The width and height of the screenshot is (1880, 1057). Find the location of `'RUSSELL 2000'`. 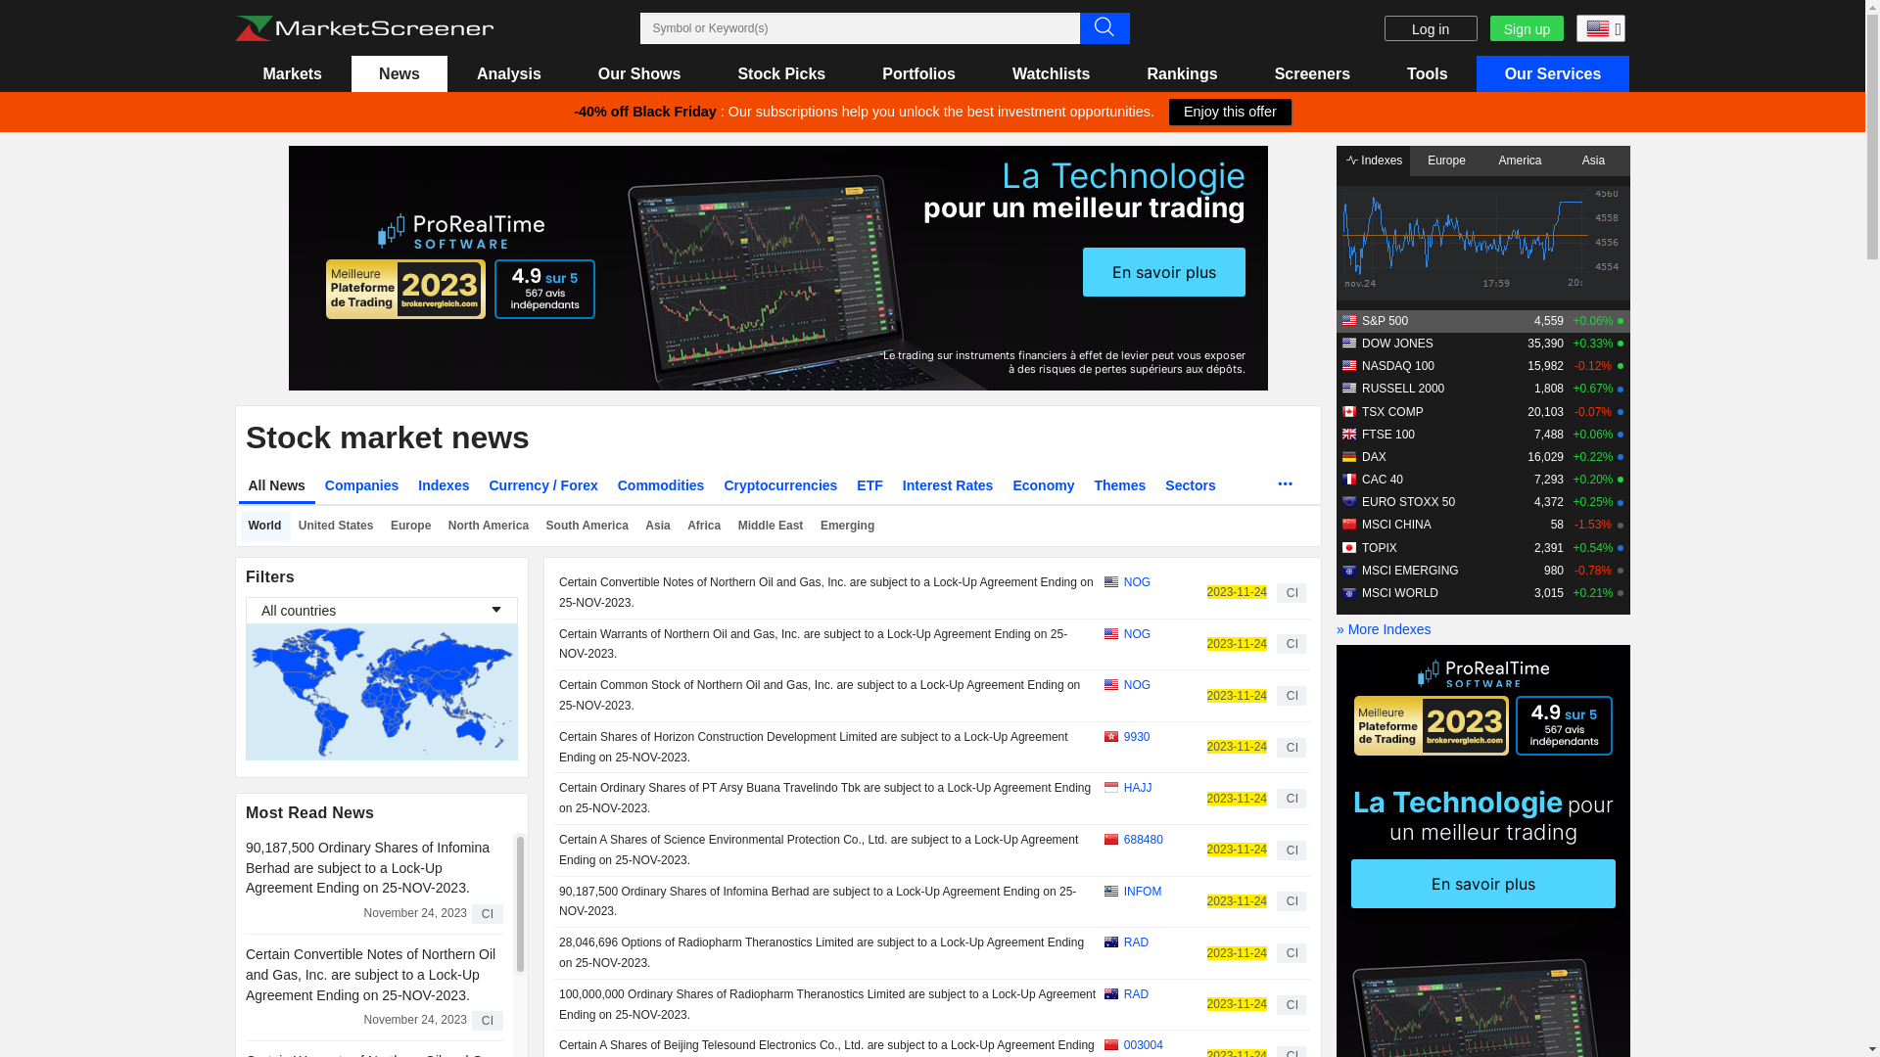

'RUSSELL 2000' is located at coordinates (1402, 389).